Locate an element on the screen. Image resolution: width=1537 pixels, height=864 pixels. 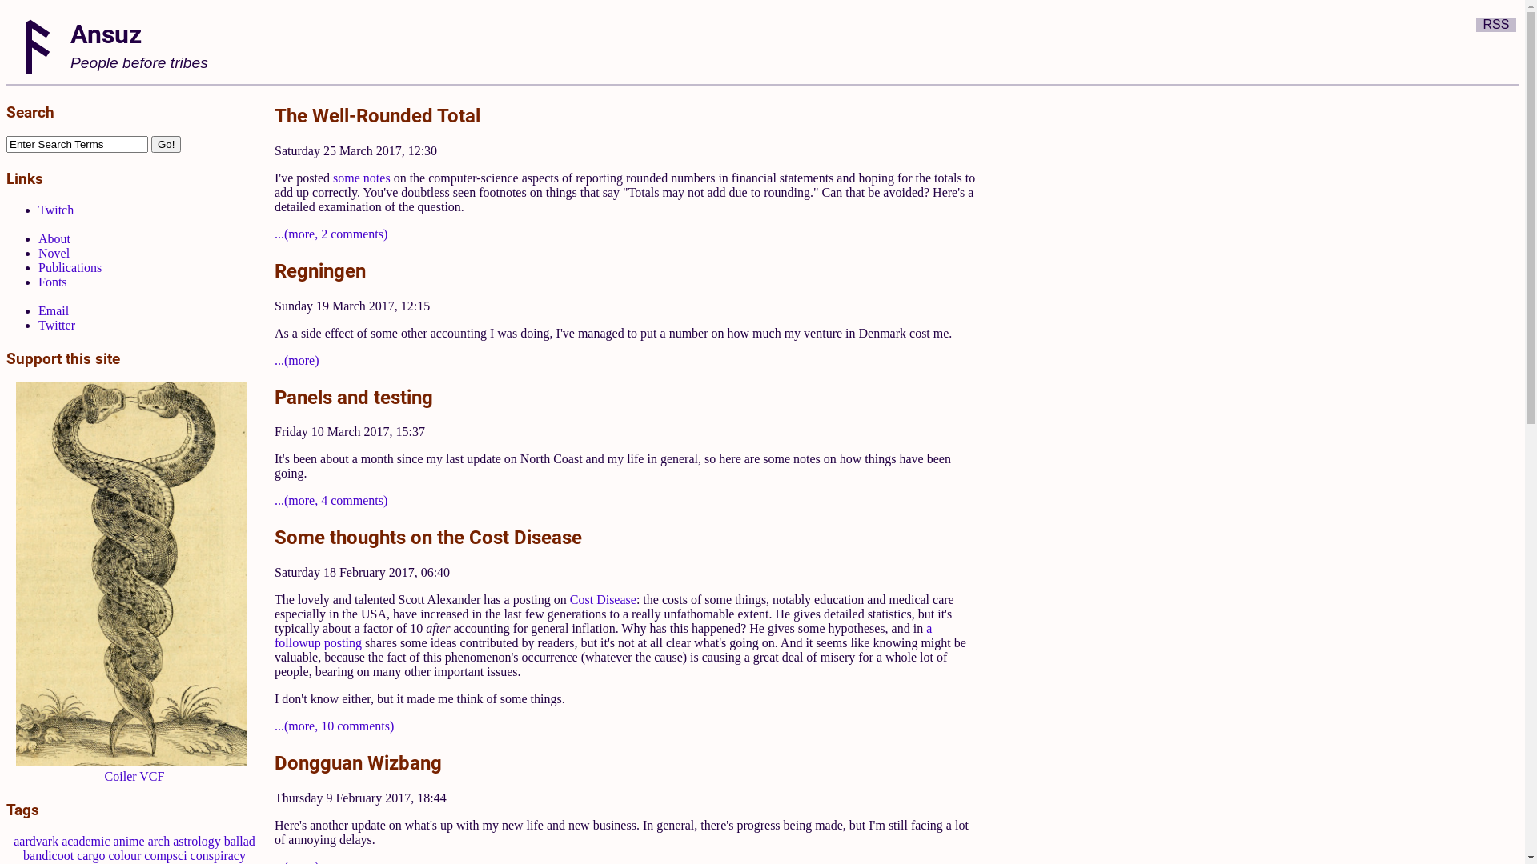
'anime' is located at coordinates (129, 840).